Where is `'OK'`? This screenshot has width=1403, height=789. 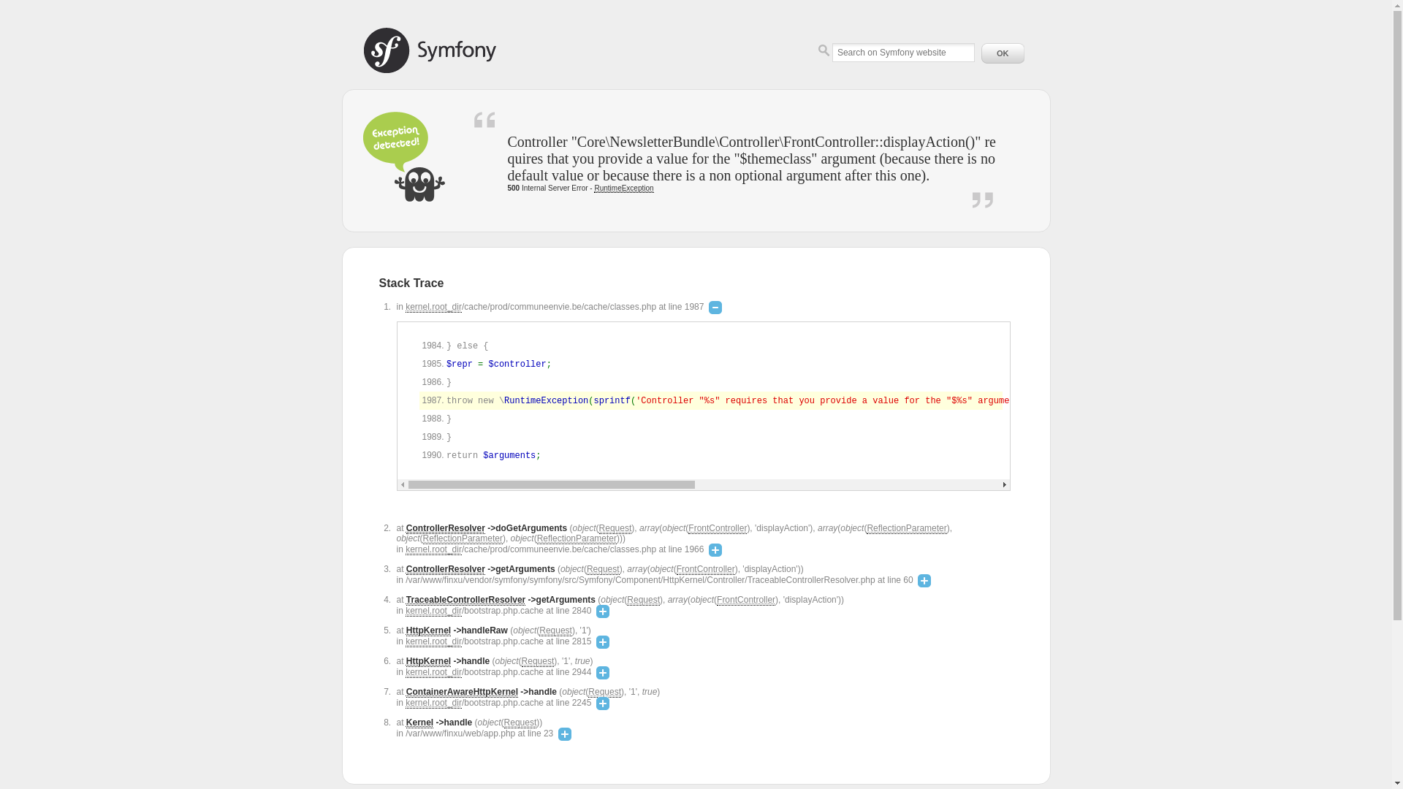
'OK' is located at coordinates (1002, 53).